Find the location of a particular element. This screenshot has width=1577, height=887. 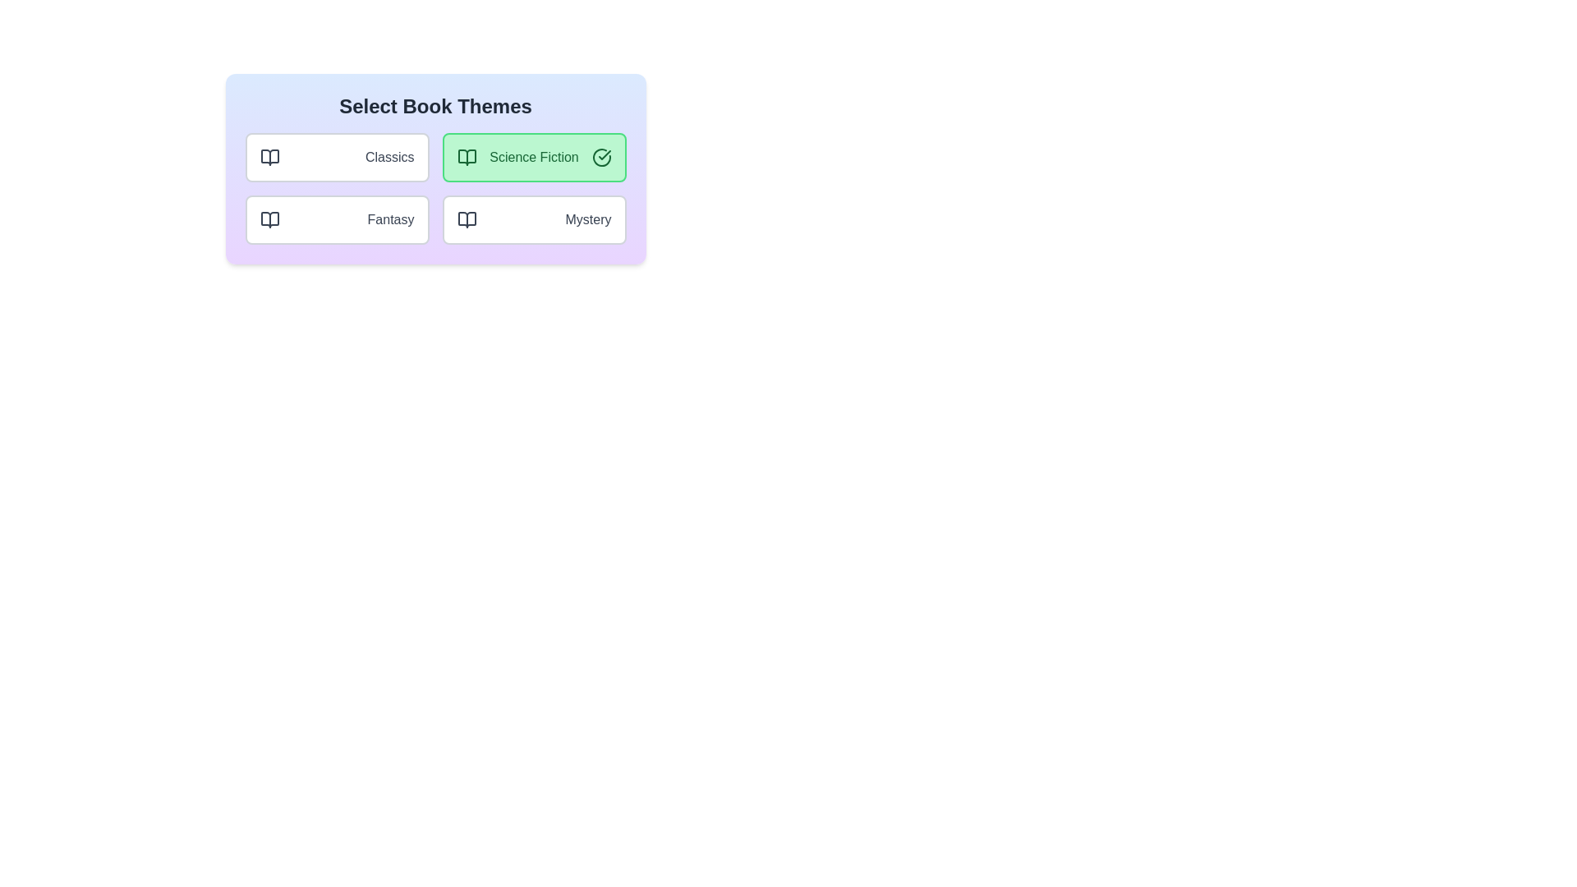

the theme Mystery is located at coordinates (534, 218).